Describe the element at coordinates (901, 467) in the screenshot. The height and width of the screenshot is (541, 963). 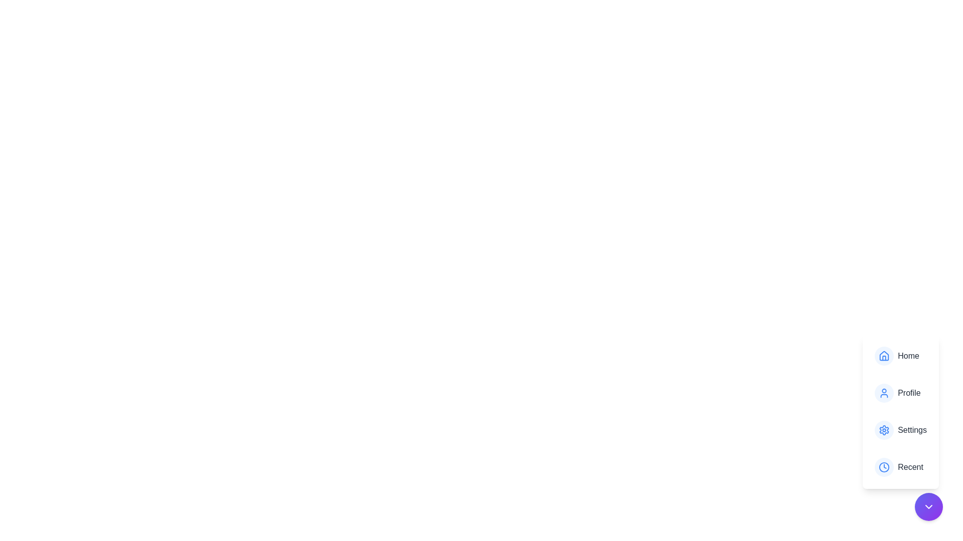
I see `the menu item Recent to trigger its action` at that location.